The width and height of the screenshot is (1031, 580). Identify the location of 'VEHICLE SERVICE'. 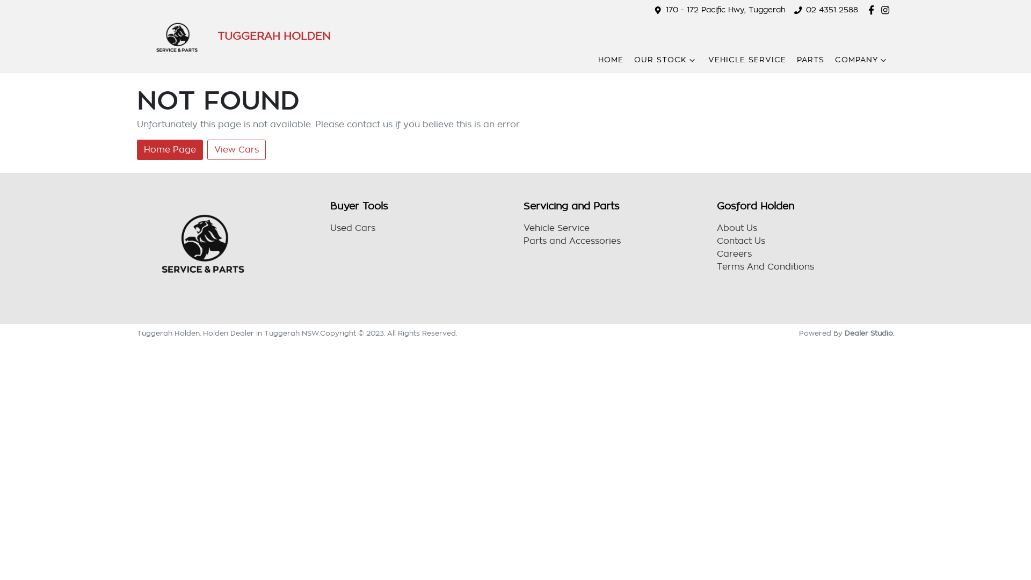
(746, 60).